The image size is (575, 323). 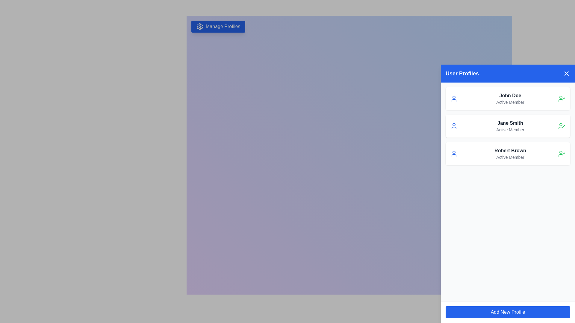 What do you see at coordinates (510, 95) in the screenshot?
I see `text content of the label displaying 'John Doe', which is positioned at the top of the user profiles list` at bounding box center [510, 95].